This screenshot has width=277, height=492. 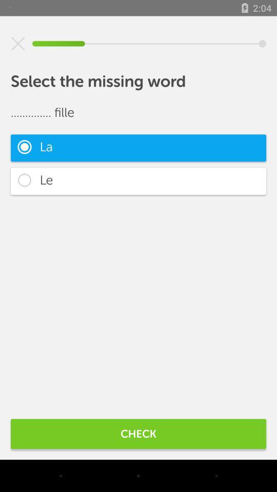 I want to click on the star icon, so click(x=18, y=44).